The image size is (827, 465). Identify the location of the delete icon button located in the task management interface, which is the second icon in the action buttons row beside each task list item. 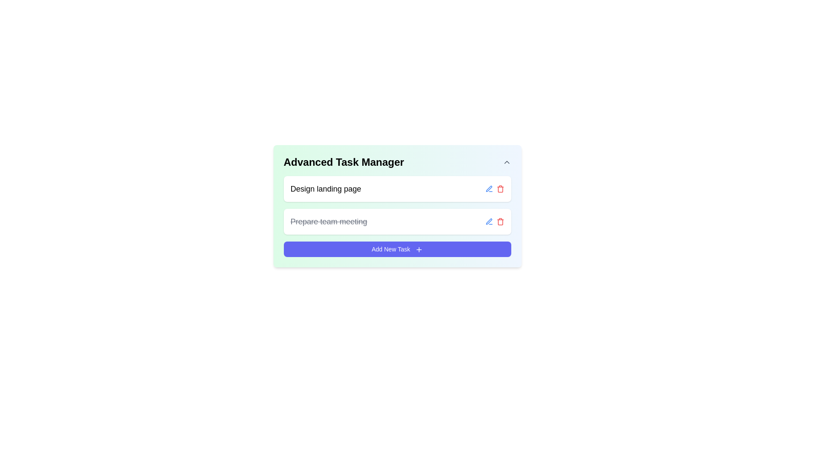
(500, 189).